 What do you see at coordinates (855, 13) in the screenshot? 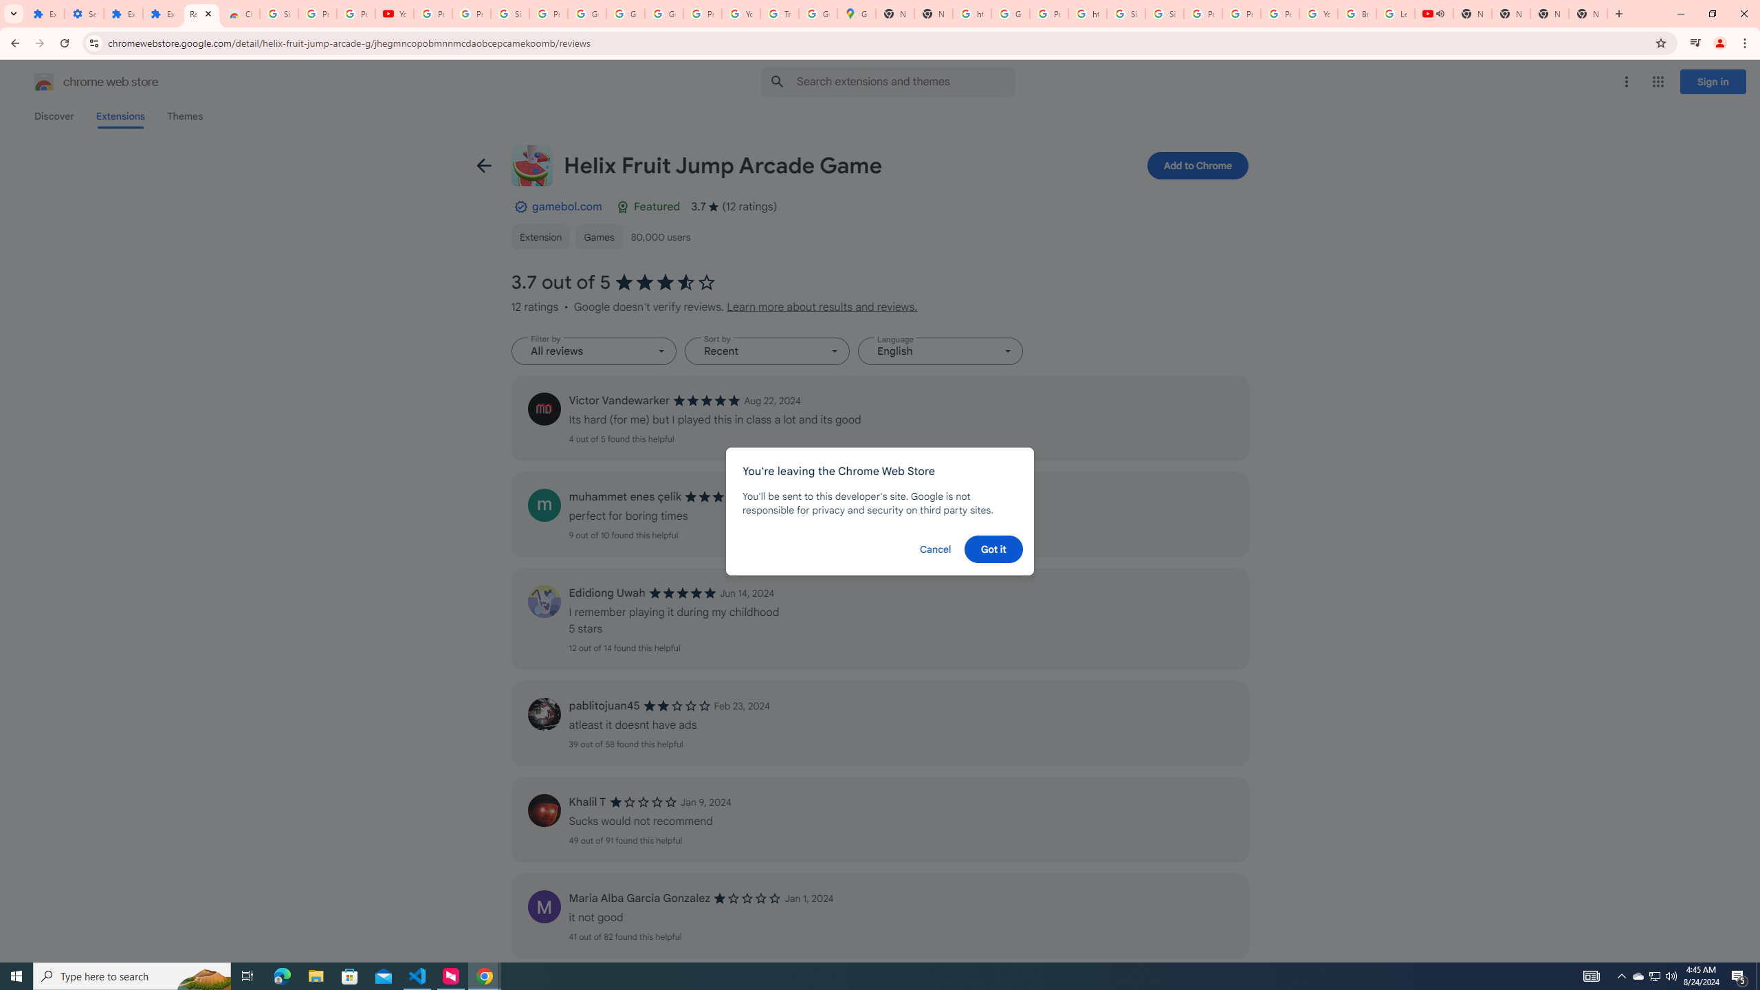
I see `'Google Maps'` at bounding box center [855, 13].